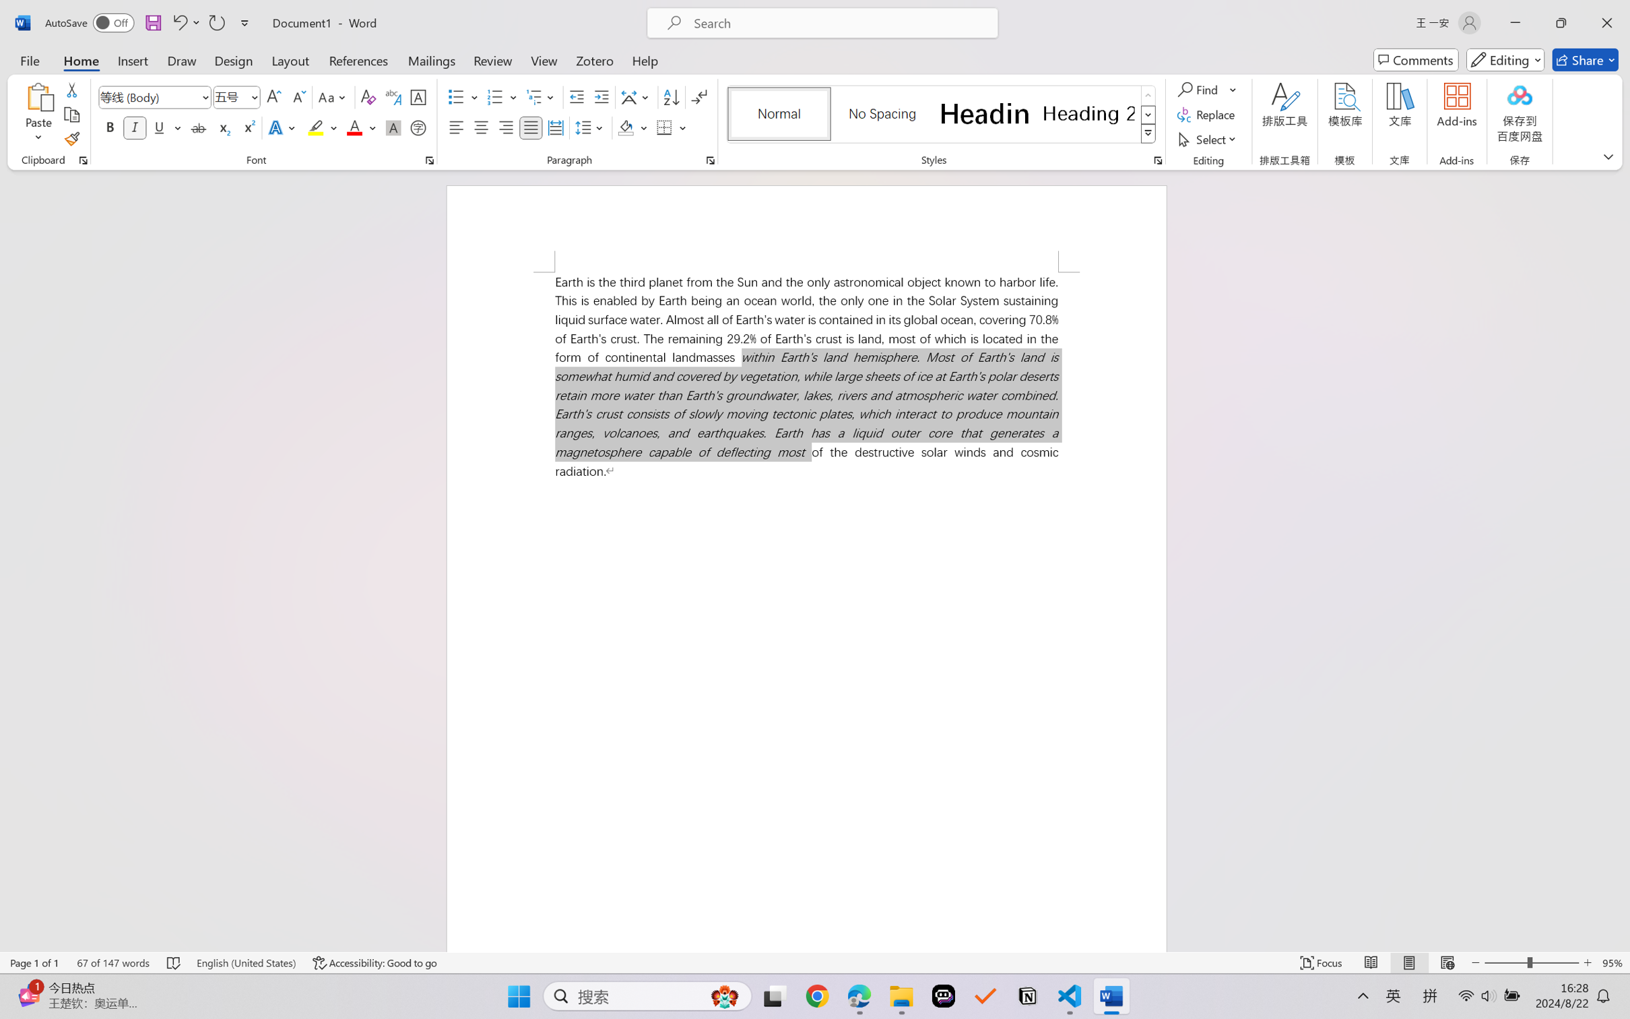  What do you see at coordinates (187, 34) in the screenshot?
I see `'Transitions'` at bounding box center [187, 34].